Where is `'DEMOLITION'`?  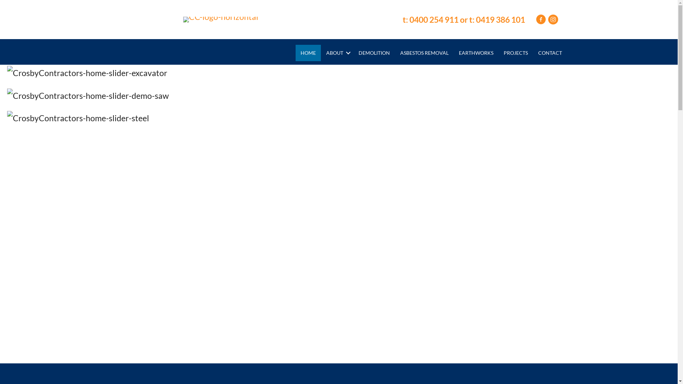 'DEMOLITION' is located at coordinates (374, 53).